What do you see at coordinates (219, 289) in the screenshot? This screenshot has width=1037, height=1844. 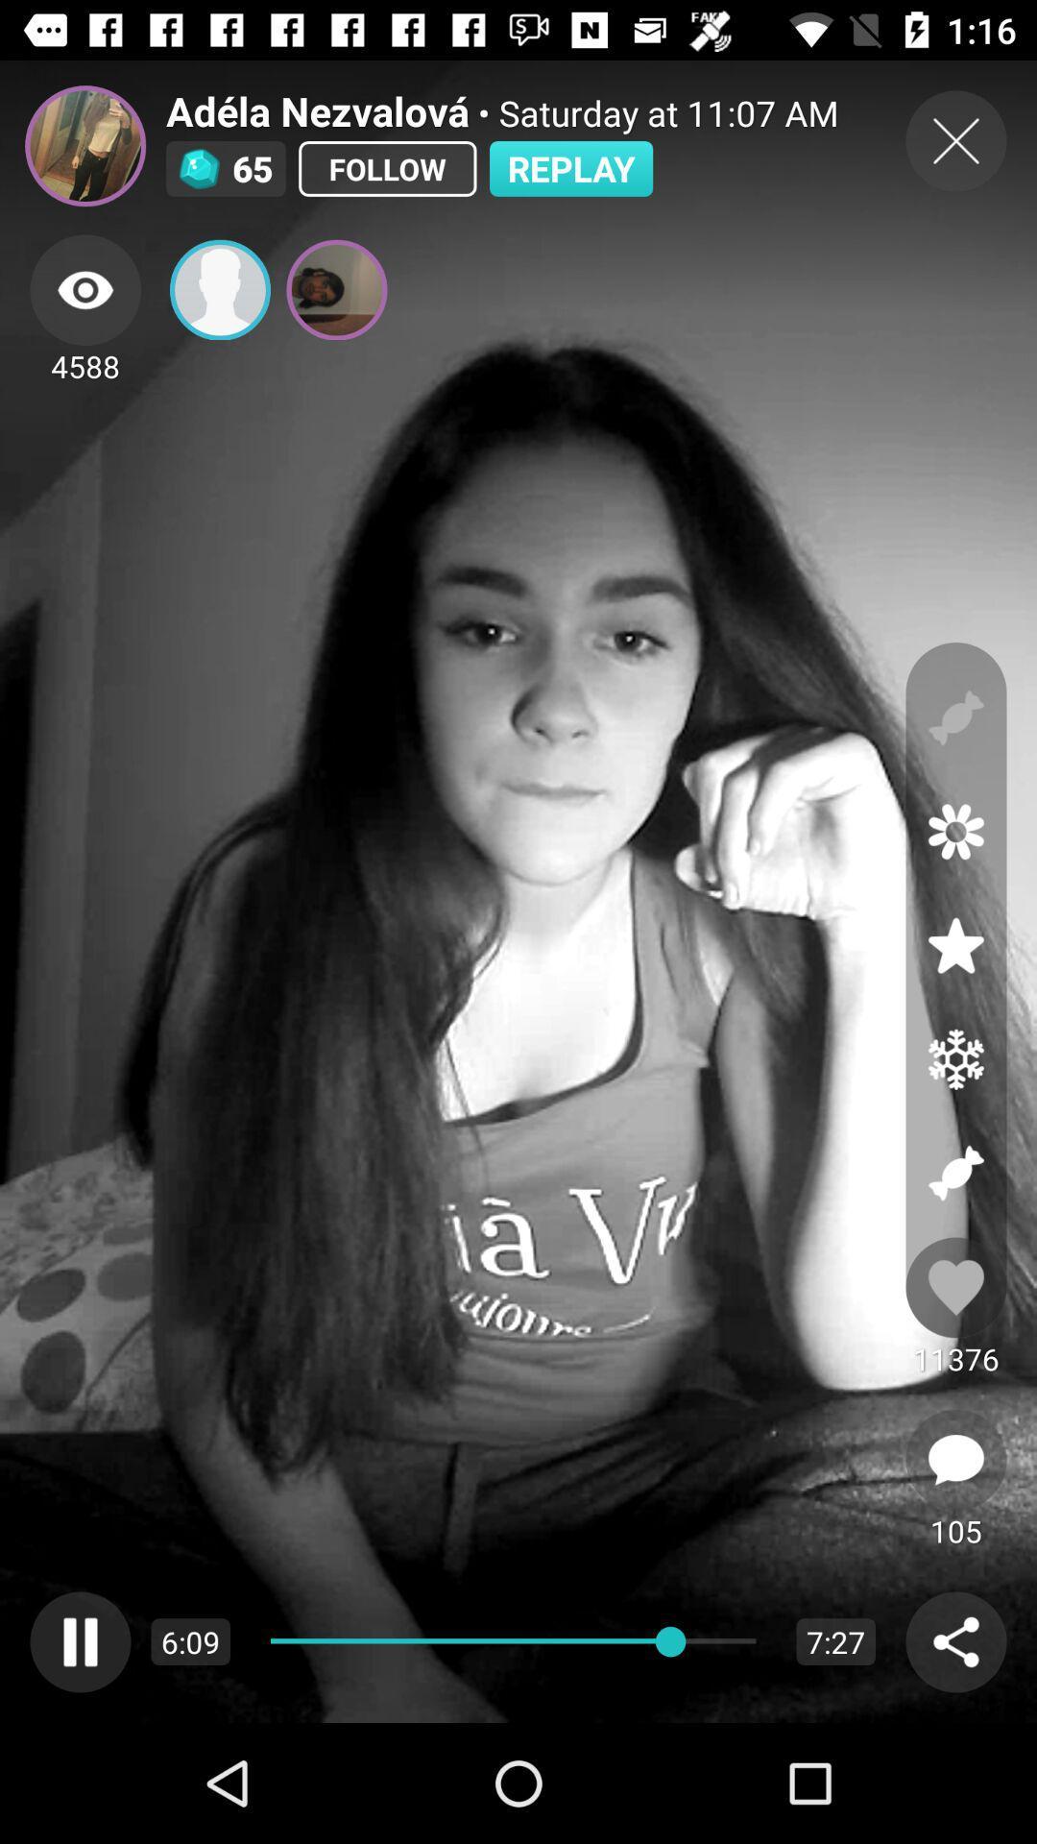 I see `share` at bounding box center [219, 289].